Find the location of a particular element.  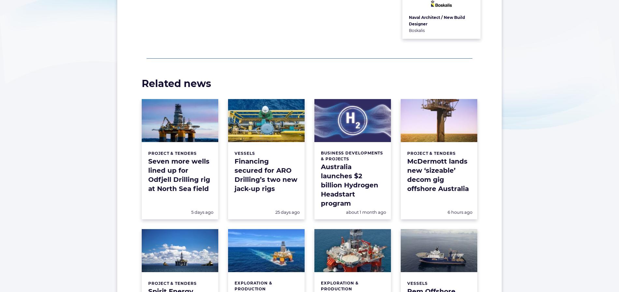

'Australia launches $2 billion Hydrogen Headstart program' is located at coordinates (349, 184).